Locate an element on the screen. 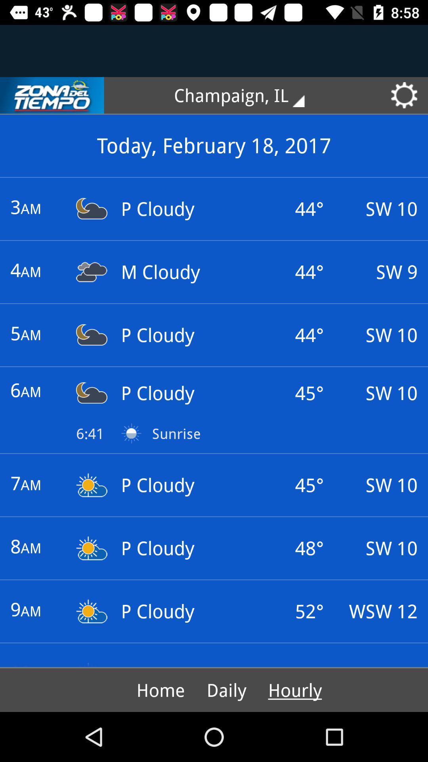 The image size is (428, 762). the date_range icon is located at coordinates (52, 95).